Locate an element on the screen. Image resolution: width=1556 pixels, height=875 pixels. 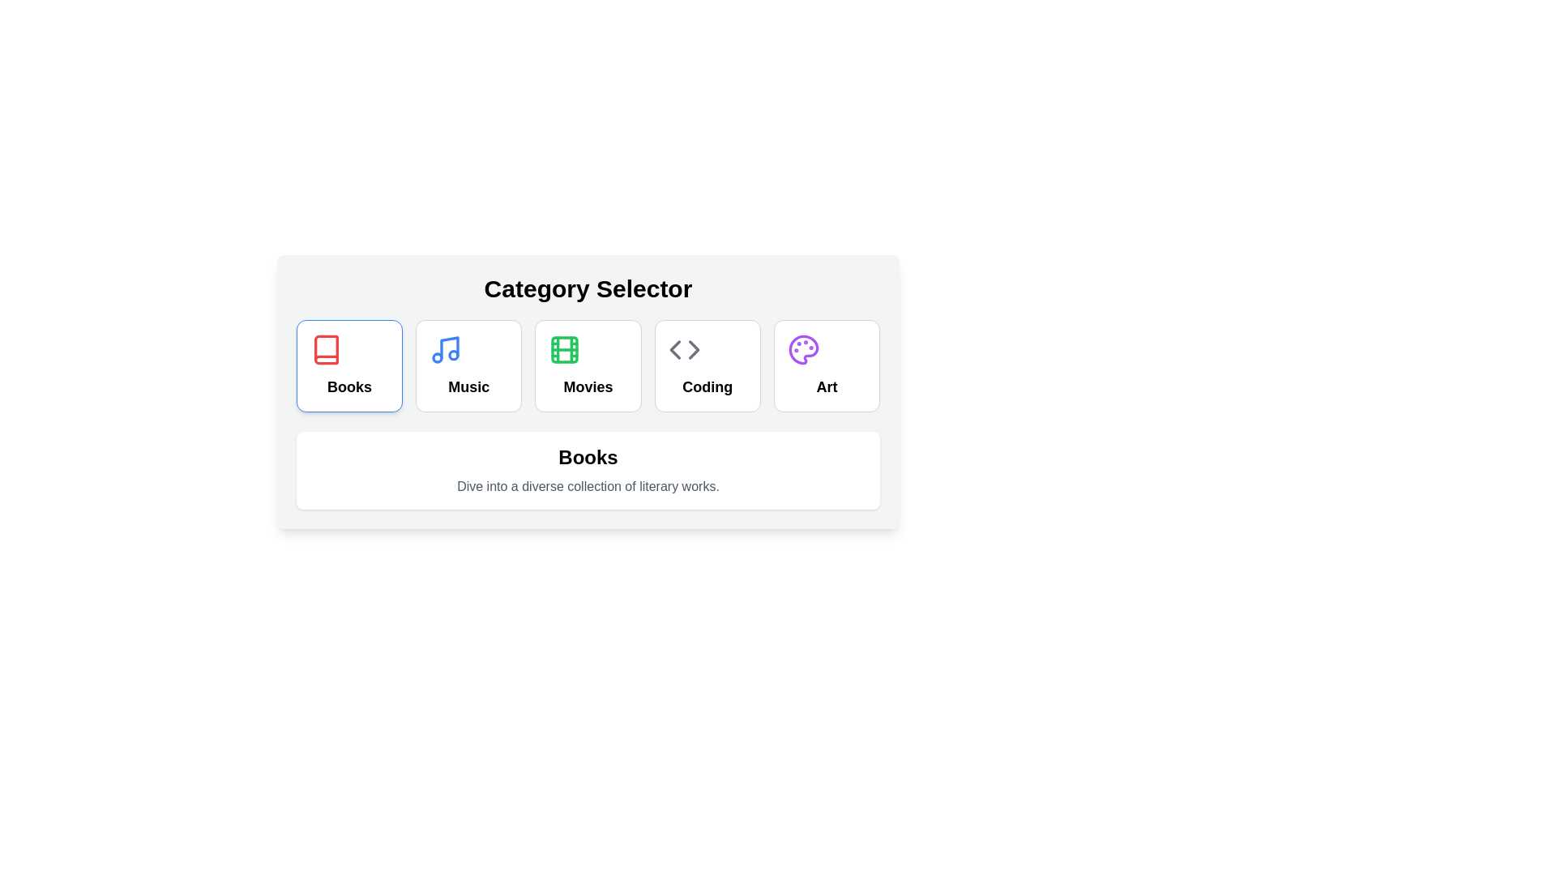
the 'Books' text element, which serves as a heading indicating the category below is located at coordinates (587, 457).